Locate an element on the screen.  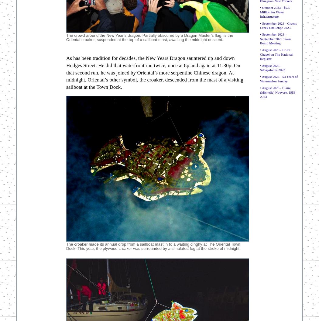
'•  September 2023 - Greens Creek Challenge 2023' is located at coordinates (278, 25).